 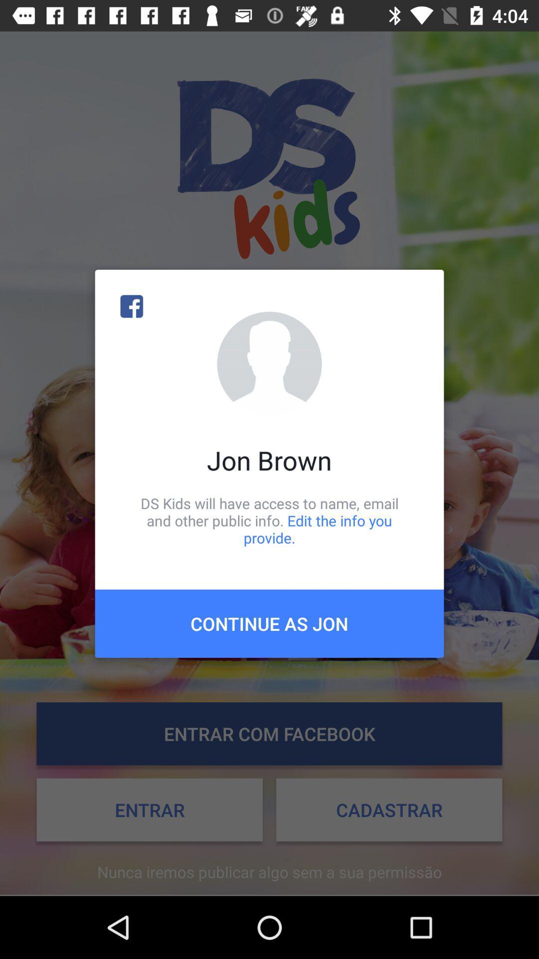 I want to click on the ds kids will icon, so click(x=269, y=520).